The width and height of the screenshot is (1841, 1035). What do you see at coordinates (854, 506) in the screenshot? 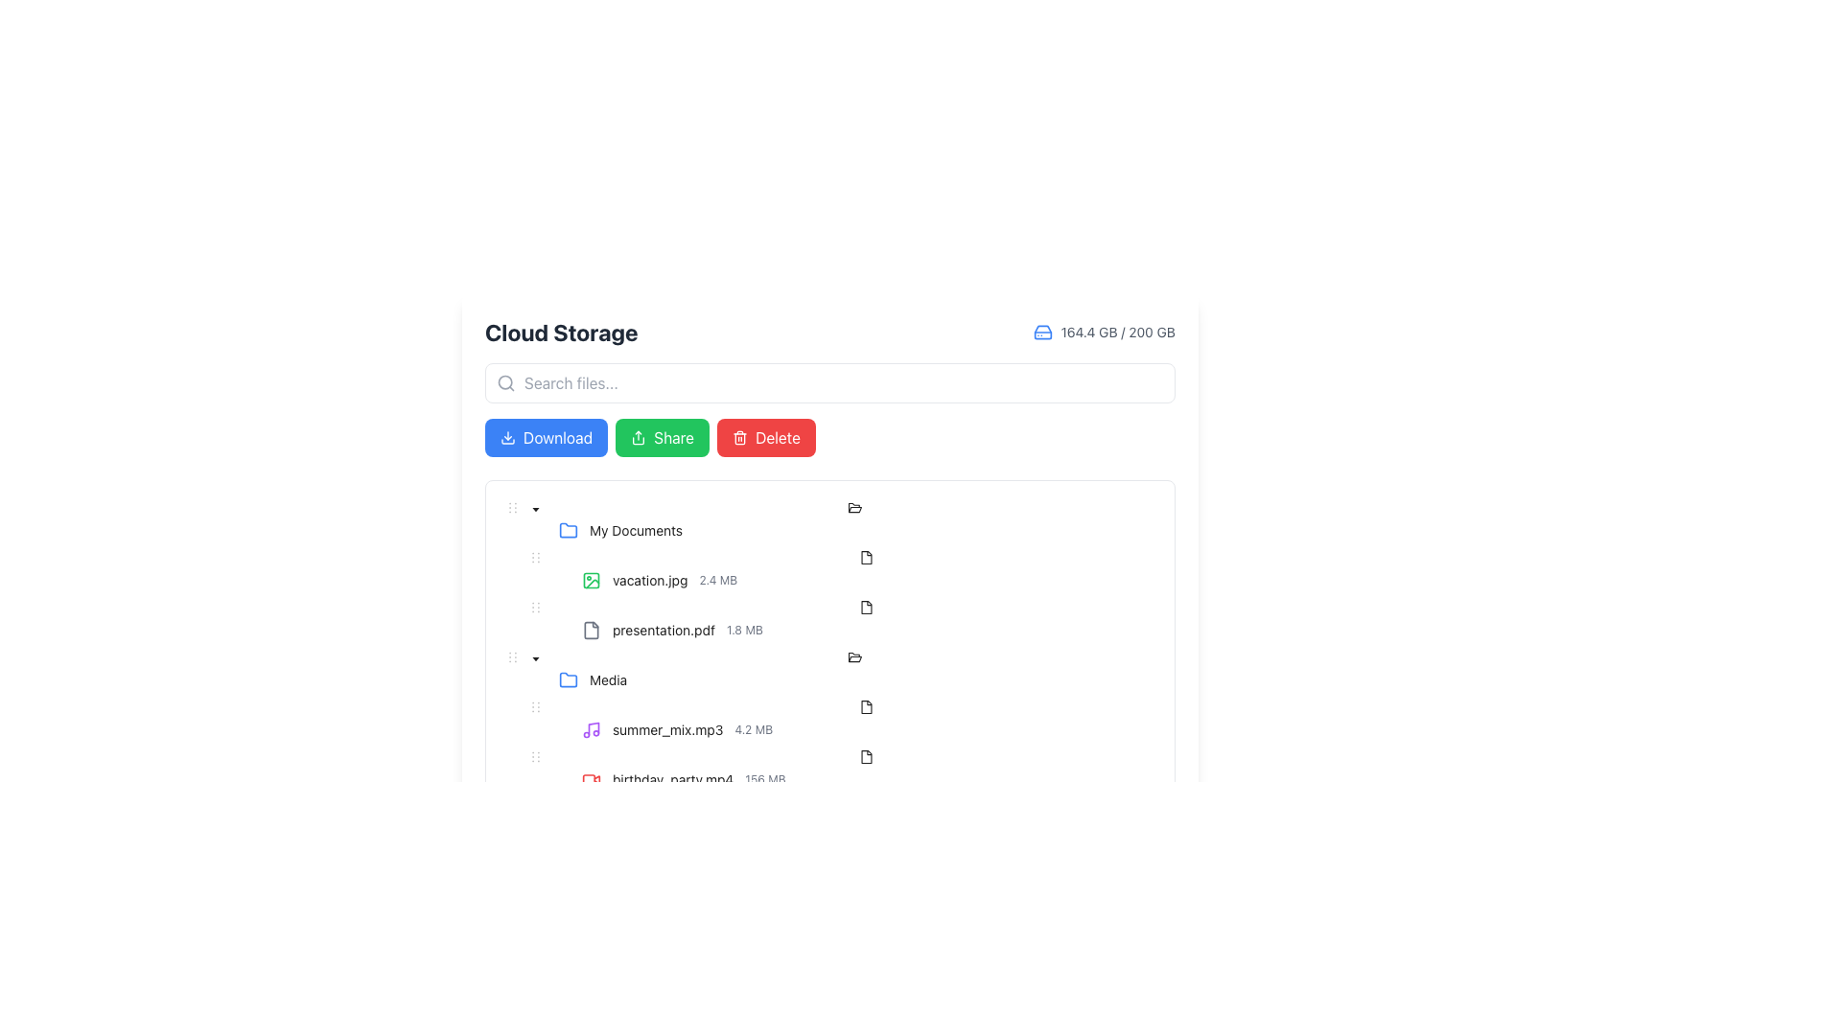
I see `the folder icon representing the 'My Documents' item` at bounding box center [854, 506].